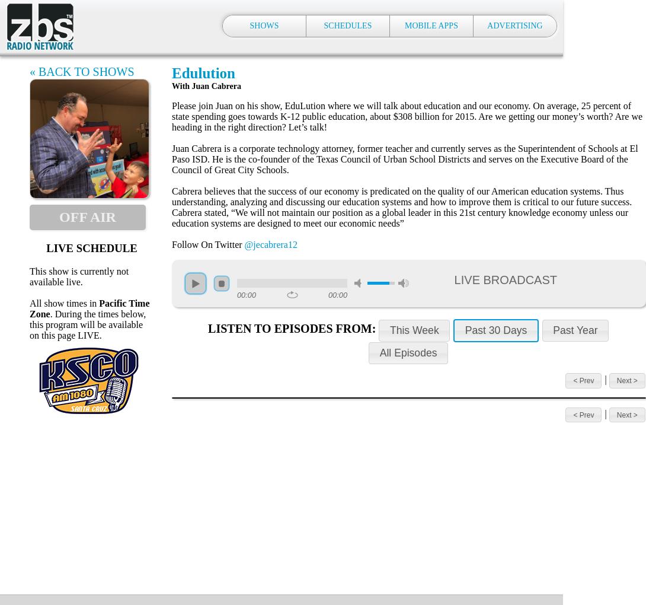 This screenshot has height=605, width=646. What do you see at coordinates (30, 302) in the screenshot?
I see `'All show times in'` at bounding box center [30, 302].